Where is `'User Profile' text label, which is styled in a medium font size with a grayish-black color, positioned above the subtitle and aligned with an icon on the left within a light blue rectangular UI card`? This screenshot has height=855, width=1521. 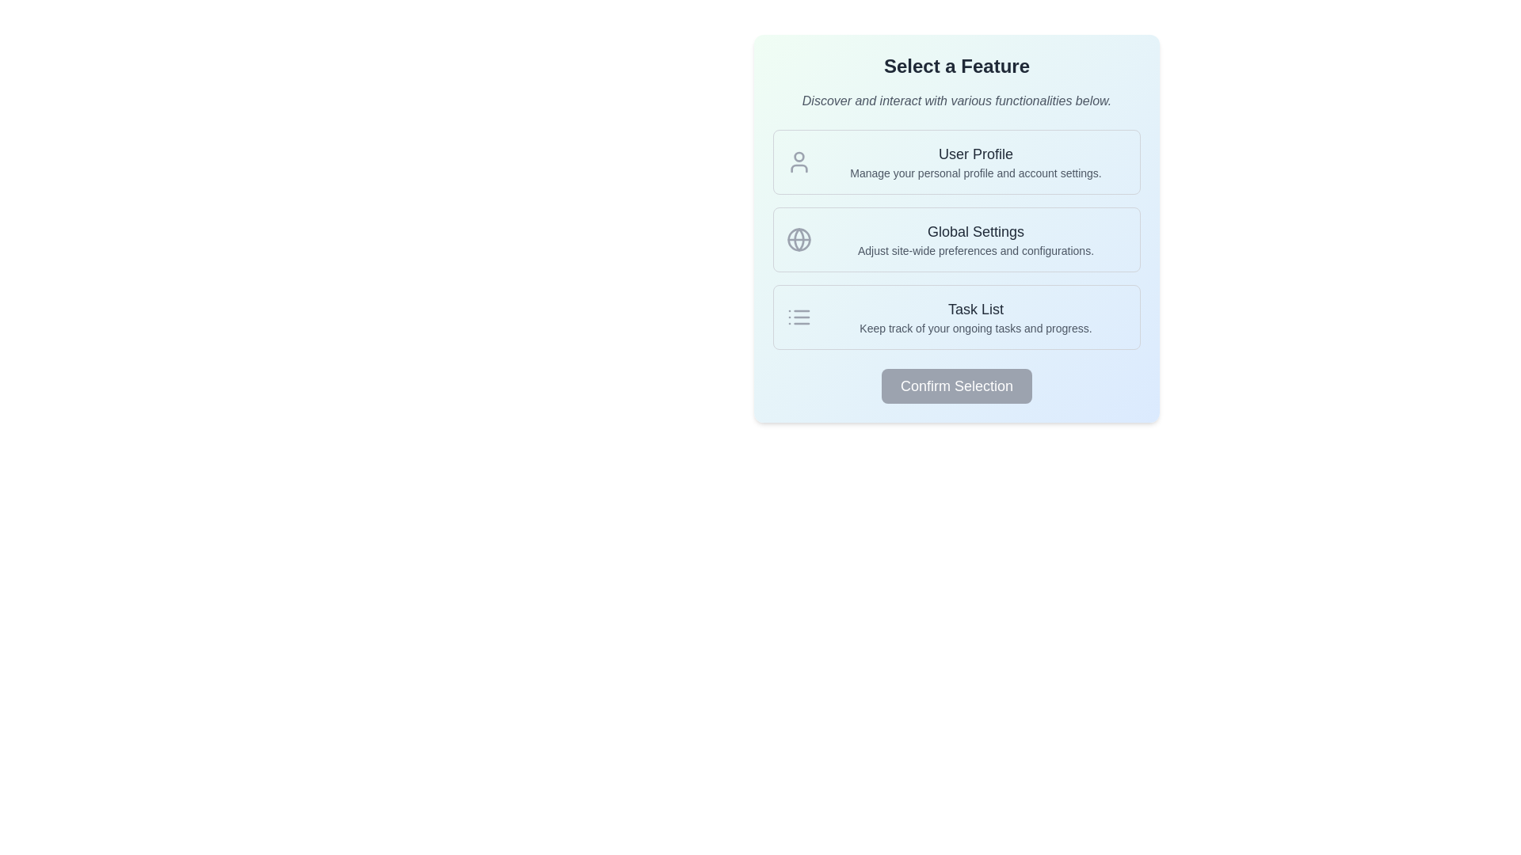 'User Profile' text label, which is styled in a medium font size with a grayish-black color, positioned above the subtitle and aligned with an icon on the left within a light blue rectangular UI card is located at coordinates (975, 154).